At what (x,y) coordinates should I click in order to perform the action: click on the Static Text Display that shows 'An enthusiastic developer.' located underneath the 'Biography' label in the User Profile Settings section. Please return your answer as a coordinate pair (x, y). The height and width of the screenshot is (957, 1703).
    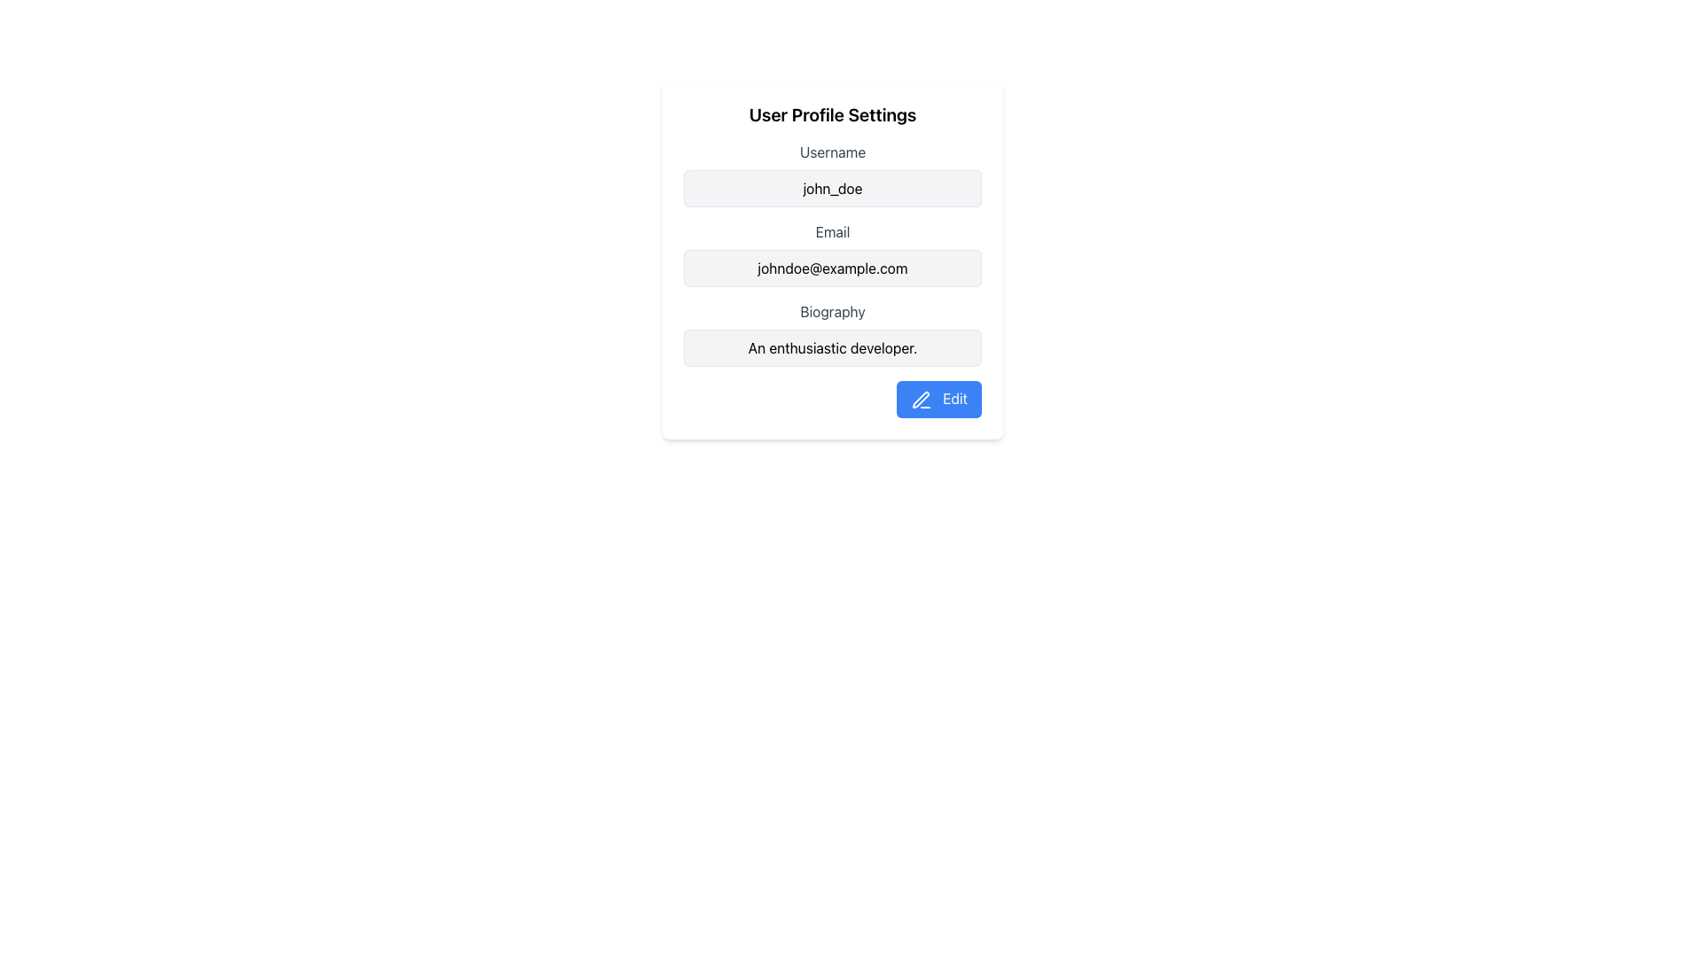
    Looking at the image, I should click on (832, 348).